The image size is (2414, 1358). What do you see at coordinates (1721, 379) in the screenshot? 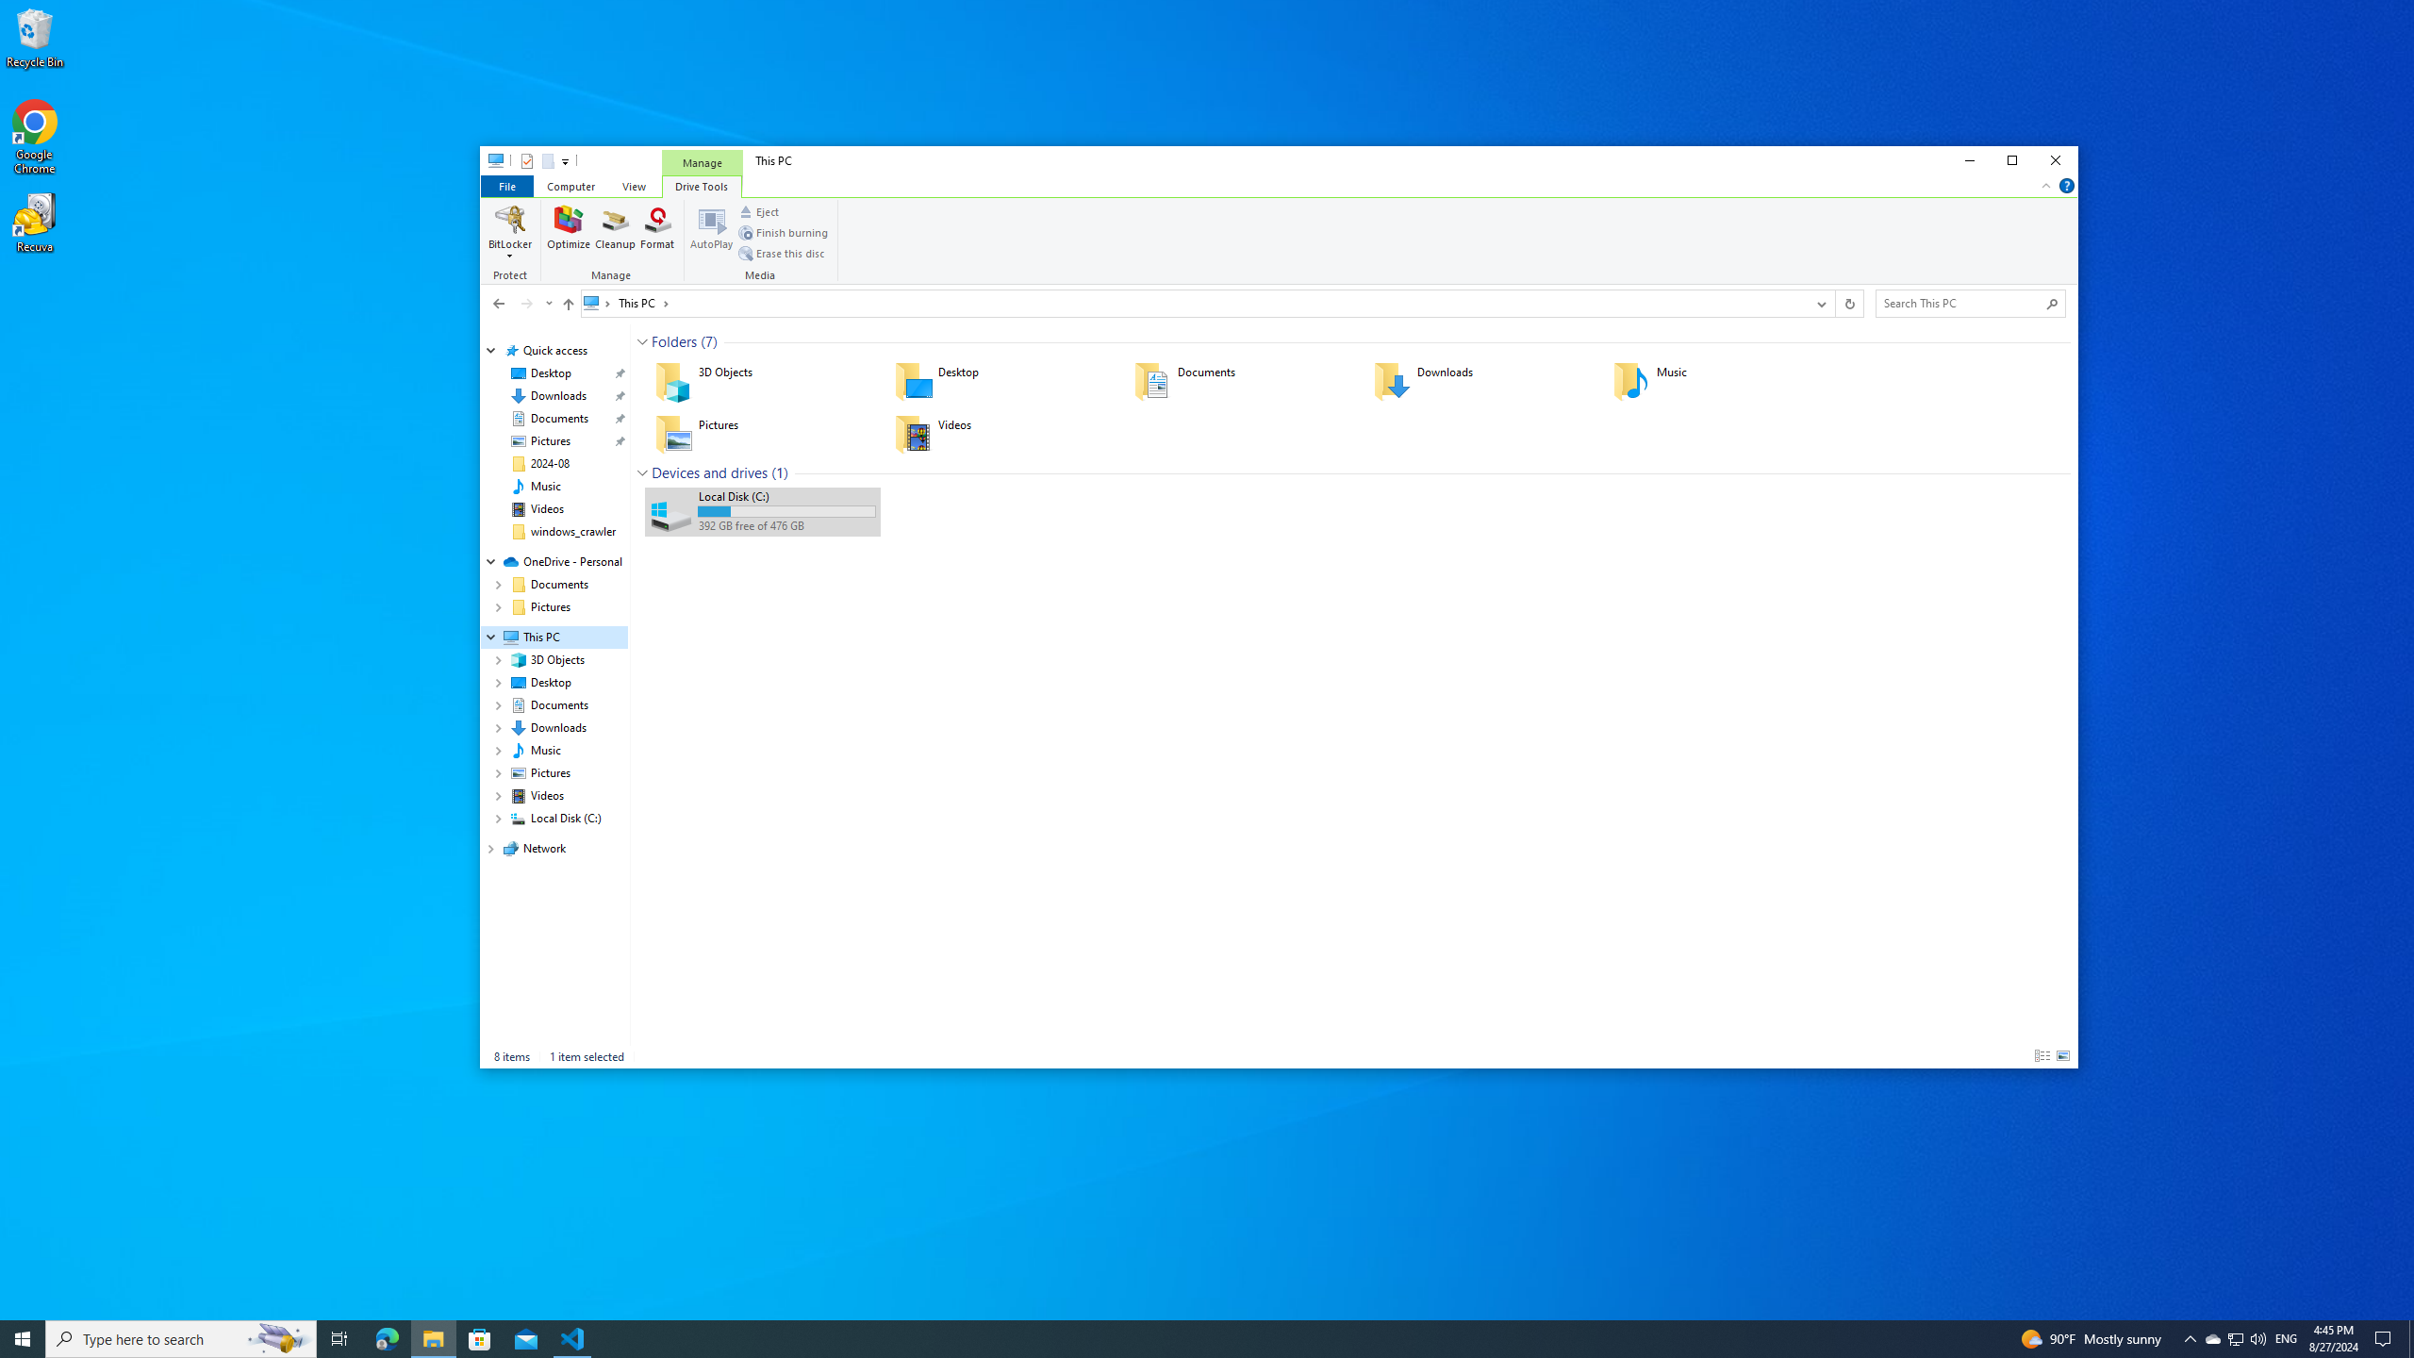
I see `'Music'` at bounding box center [1721, 379].